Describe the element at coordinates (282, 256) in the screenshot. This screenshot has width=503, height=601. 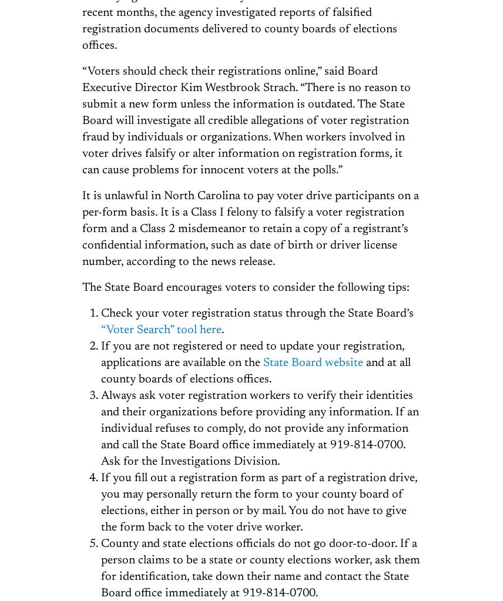
I see `'5/22/2023'` at that location.